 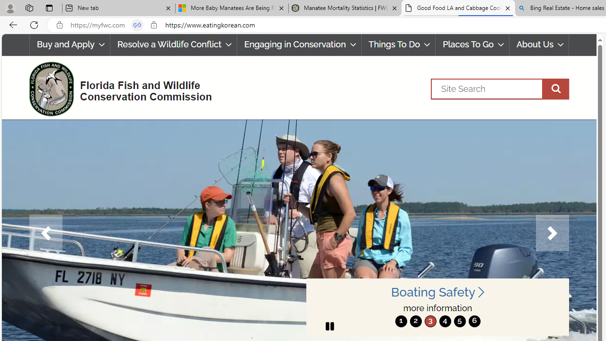 I want to click on '4', so click(x=445, y=321).